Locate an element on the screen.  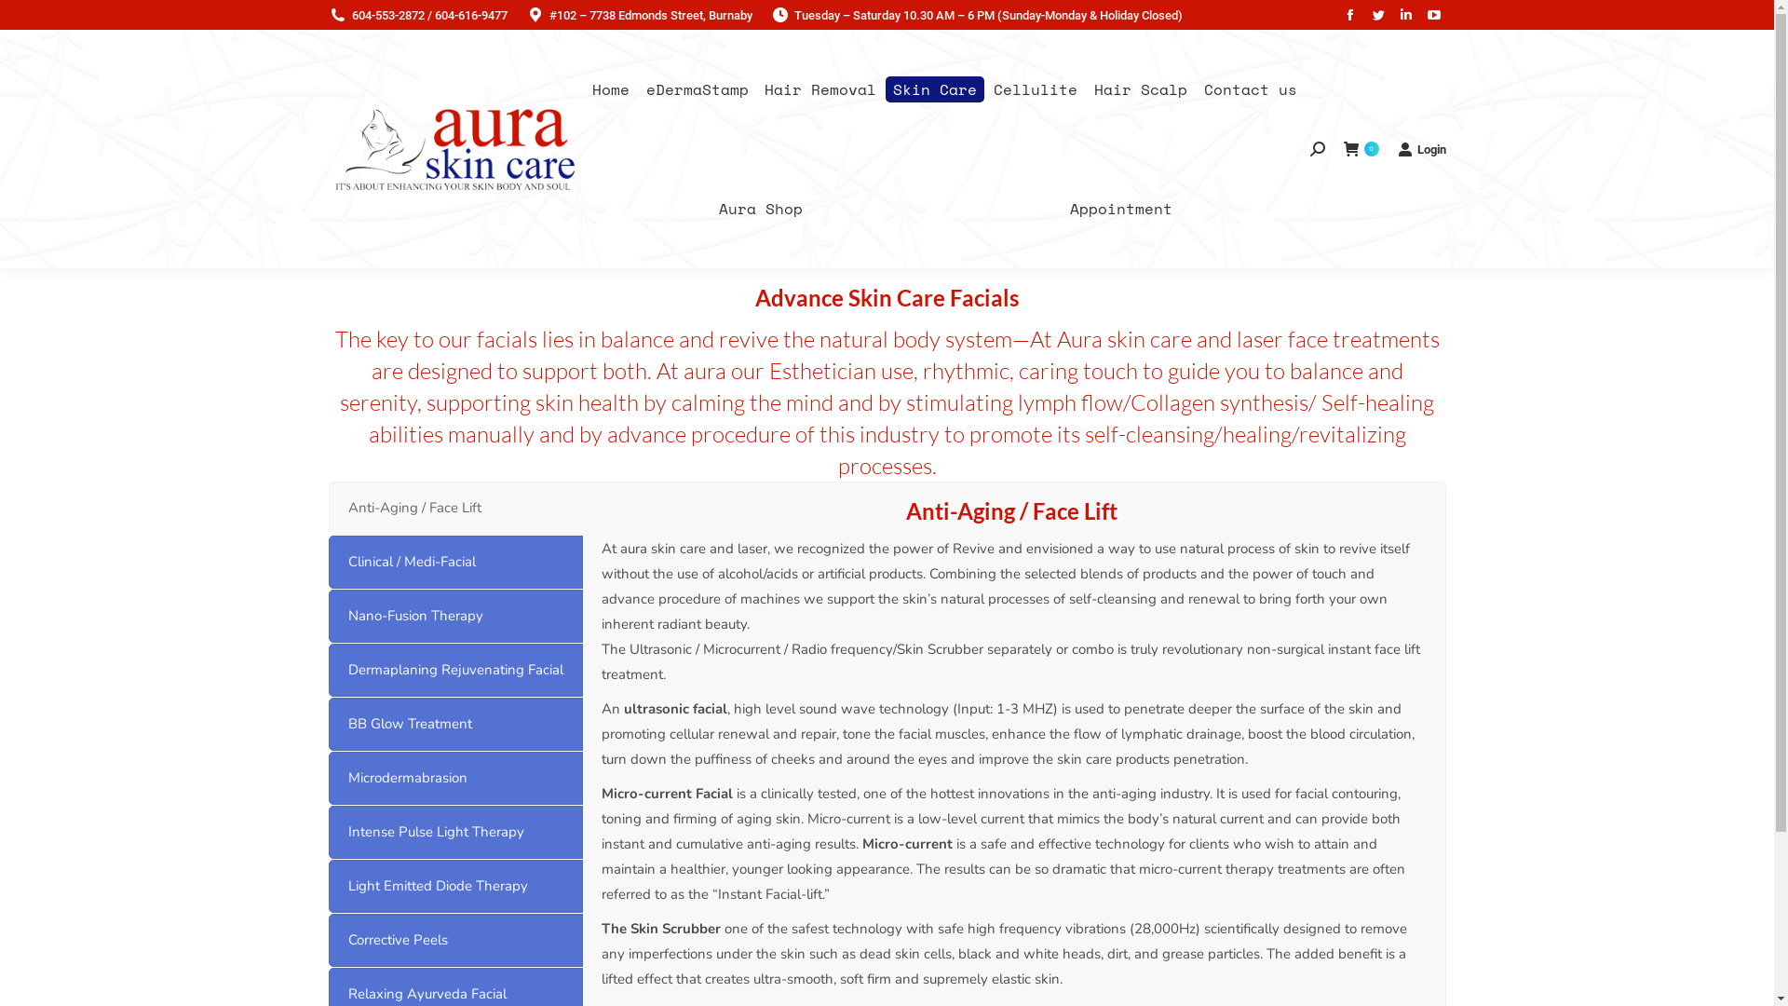
'Anti-Aging / Face Lift' is located at coordinates (454, 508).